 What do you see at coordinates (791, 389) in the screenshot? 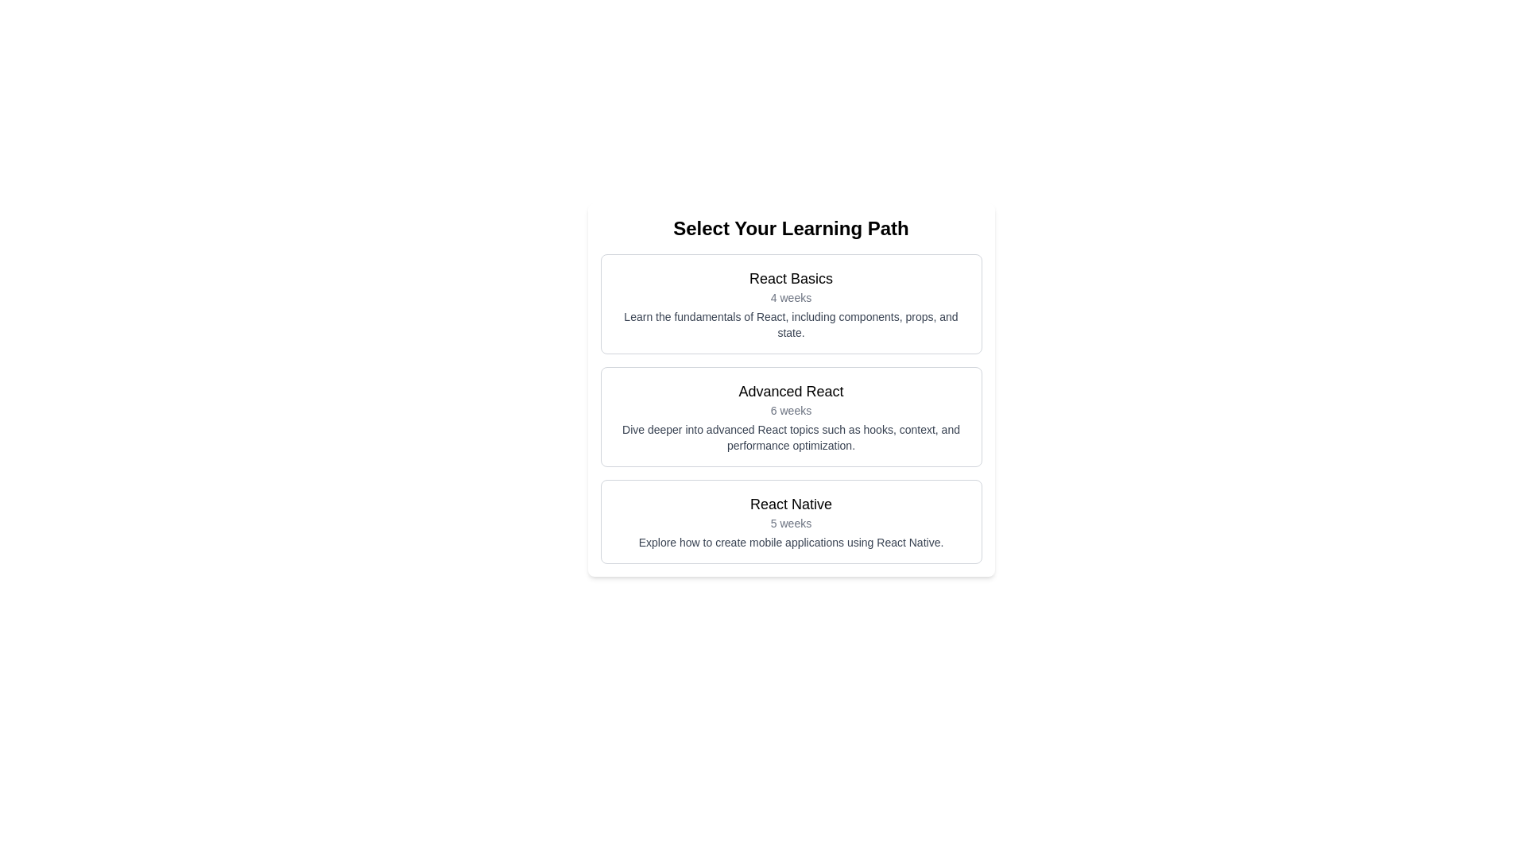
I see `the Informational Panel that serves as a navigational hub for selecting learning paths such as 'React Basics' or 'React Native'` at bounding box center [791, 389].